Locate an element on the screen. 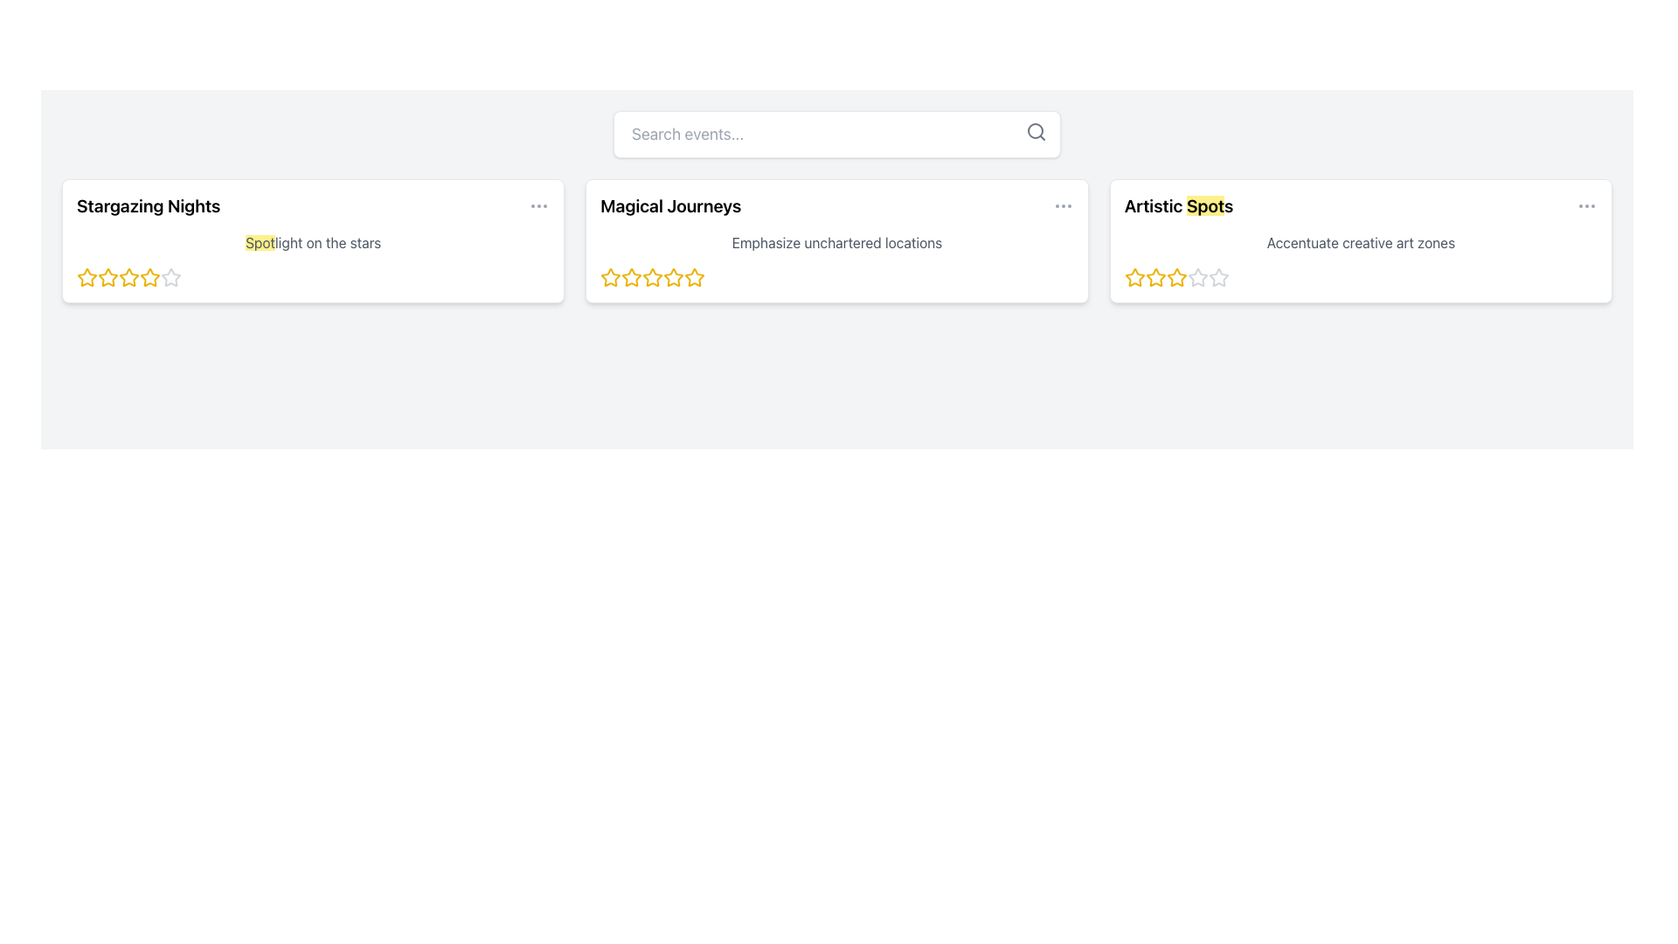 The image size is (1678, 944). the first star in the rating system below the title 'Magical Journeys' on the second card is located at coordinates (631, 276).